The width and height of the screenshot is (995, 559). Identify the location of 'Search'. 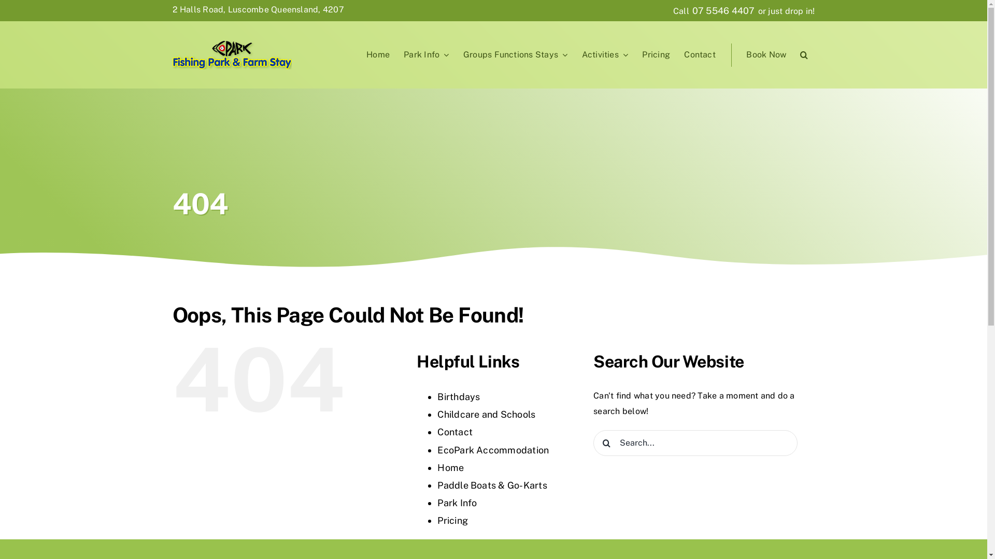
(804, 55).